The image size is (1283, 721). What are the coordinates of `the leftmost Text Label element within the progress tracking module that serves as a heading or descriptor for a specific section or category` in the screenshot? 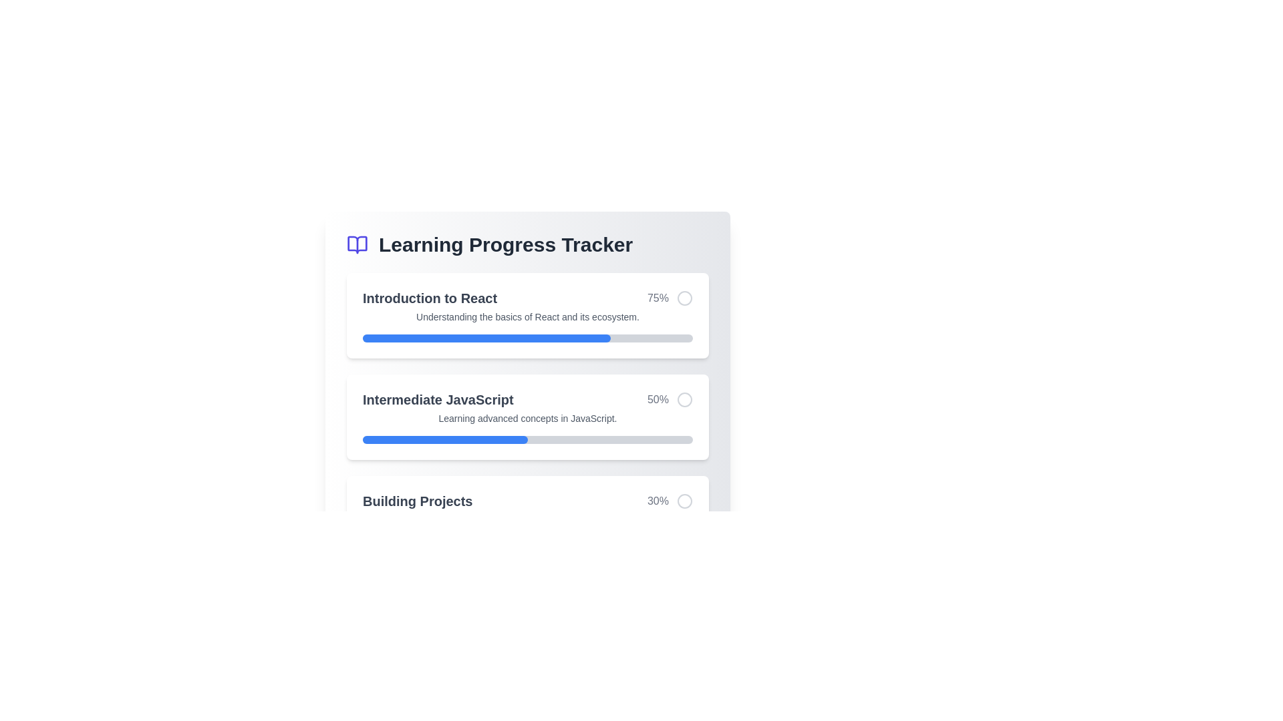 It's located at (417, 501).